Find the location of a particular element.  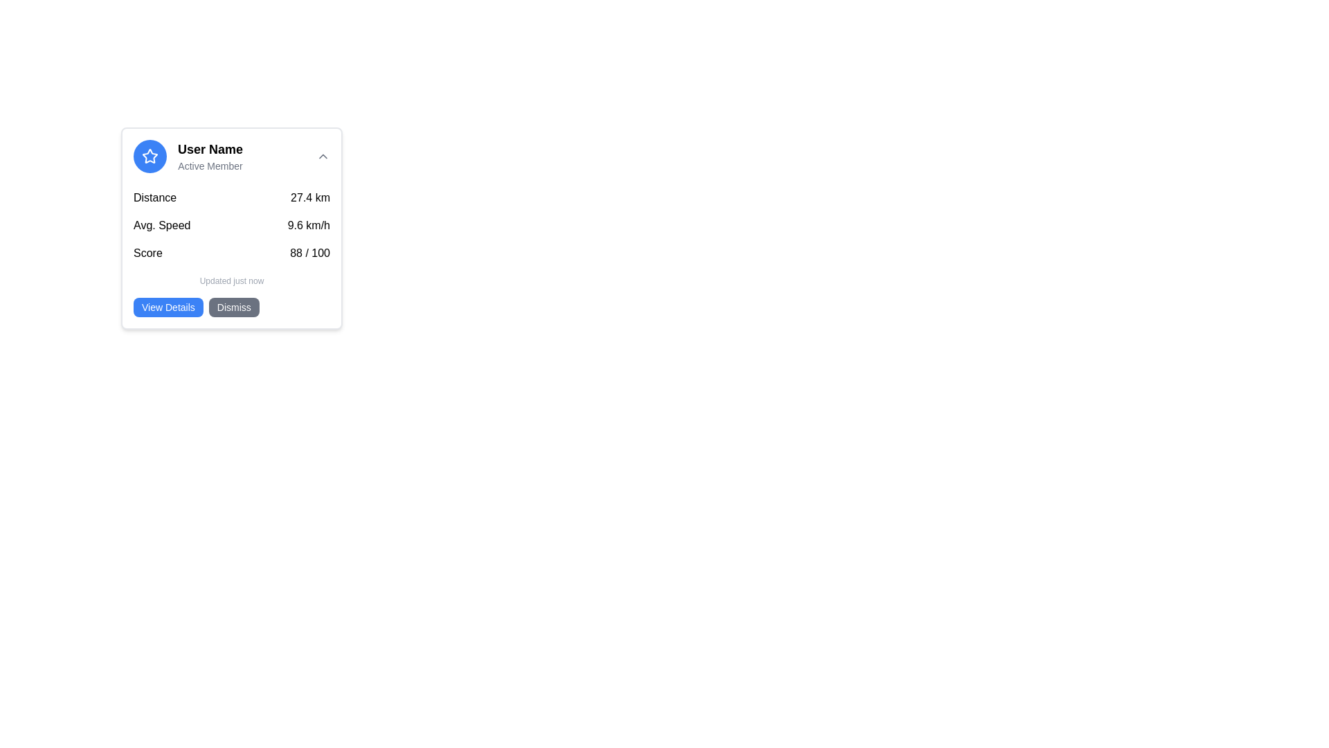

the 'Active Member' text label, which is a smaller, gray-colored, sans-serif font located beneath the 'User Name' text in the profile card is located at coordinates (209, 165).